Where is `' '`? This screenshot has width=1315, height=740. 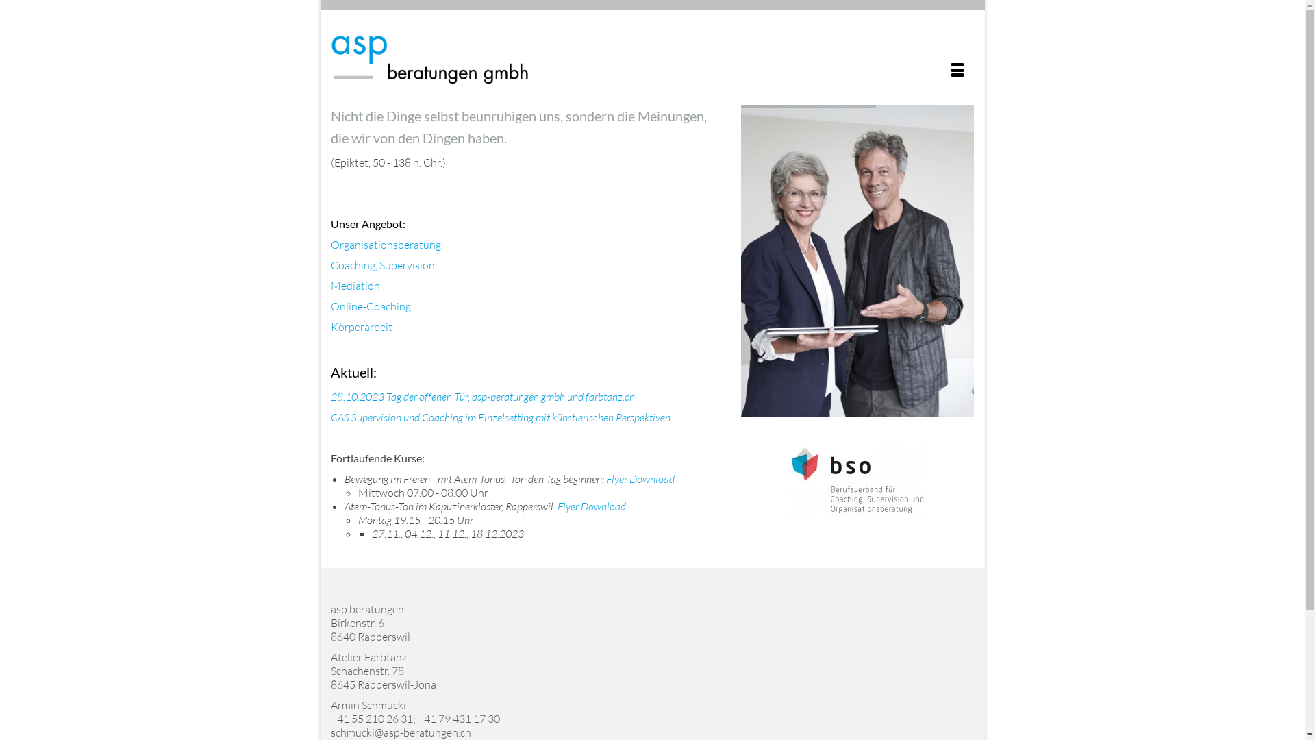
' ' is located at coordinates (627, 506).